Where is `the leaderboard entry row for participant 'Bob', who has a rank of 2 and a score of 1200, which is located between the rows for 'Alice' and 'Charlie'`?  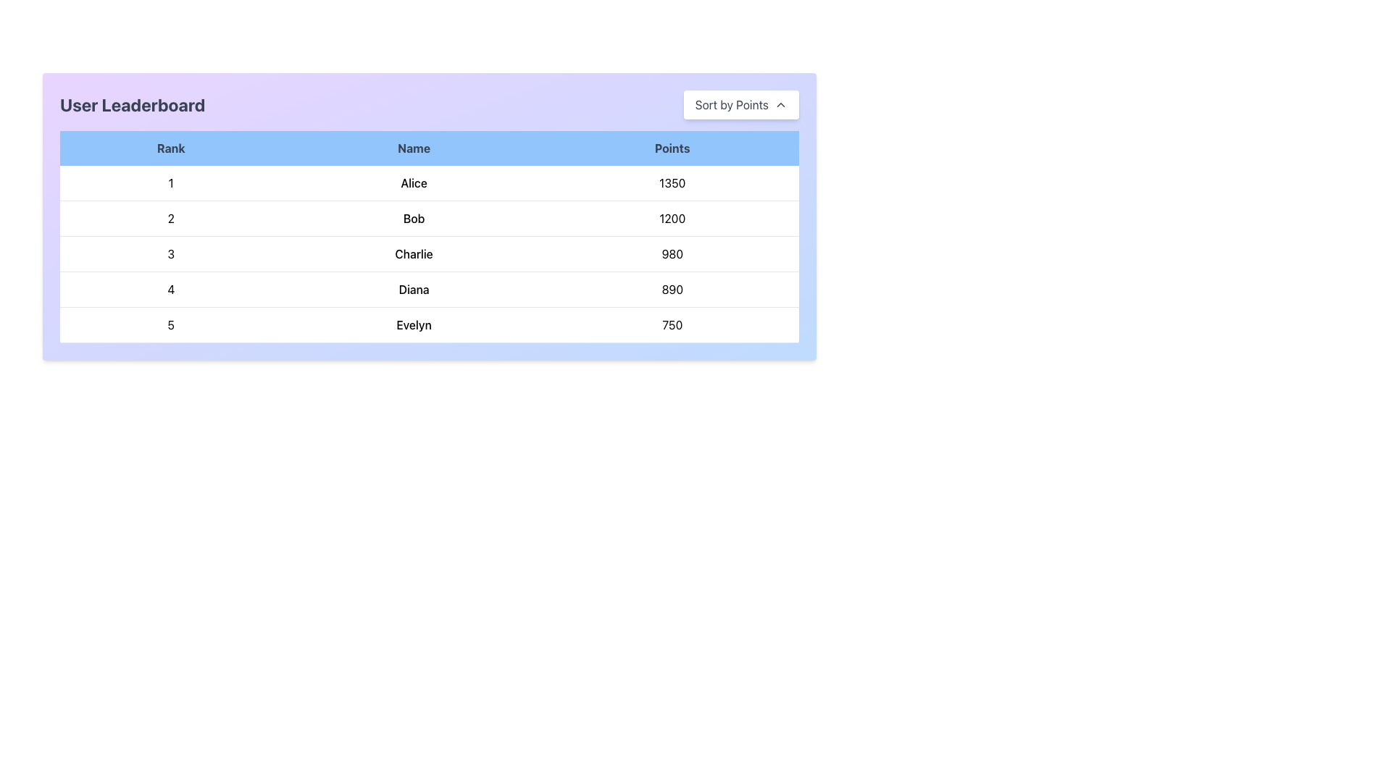 the leaderboard entry row for participant 'Bob', who has a rank of 2 and a score of 1200, which is located between the rows for 'Alice' and 'Charlie' is located at coordinates (429, 218).